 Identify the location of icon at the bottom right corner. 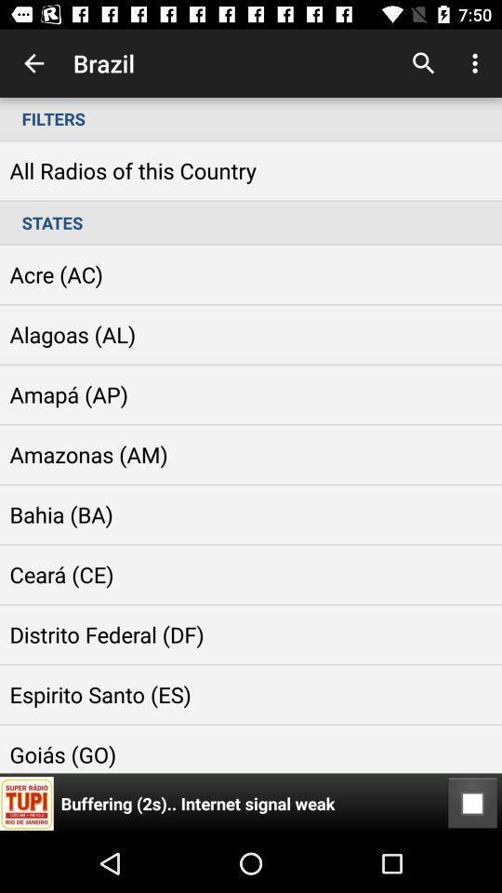
(472, 803).